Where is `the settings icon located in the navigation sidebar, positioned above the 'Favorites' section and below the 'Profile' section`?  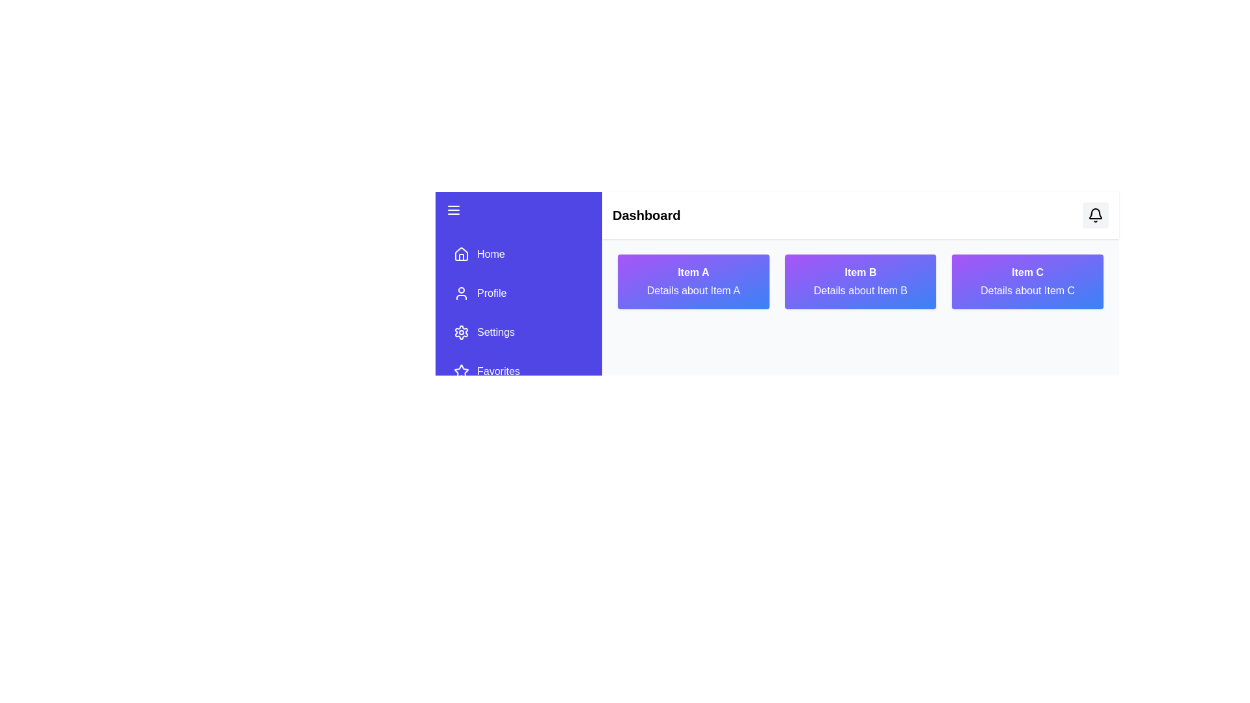
the settings icon located in the navigation sidebar, positioned above the 'Favorites' section and below the 'Profile' section is located at coordinates (462, 331).